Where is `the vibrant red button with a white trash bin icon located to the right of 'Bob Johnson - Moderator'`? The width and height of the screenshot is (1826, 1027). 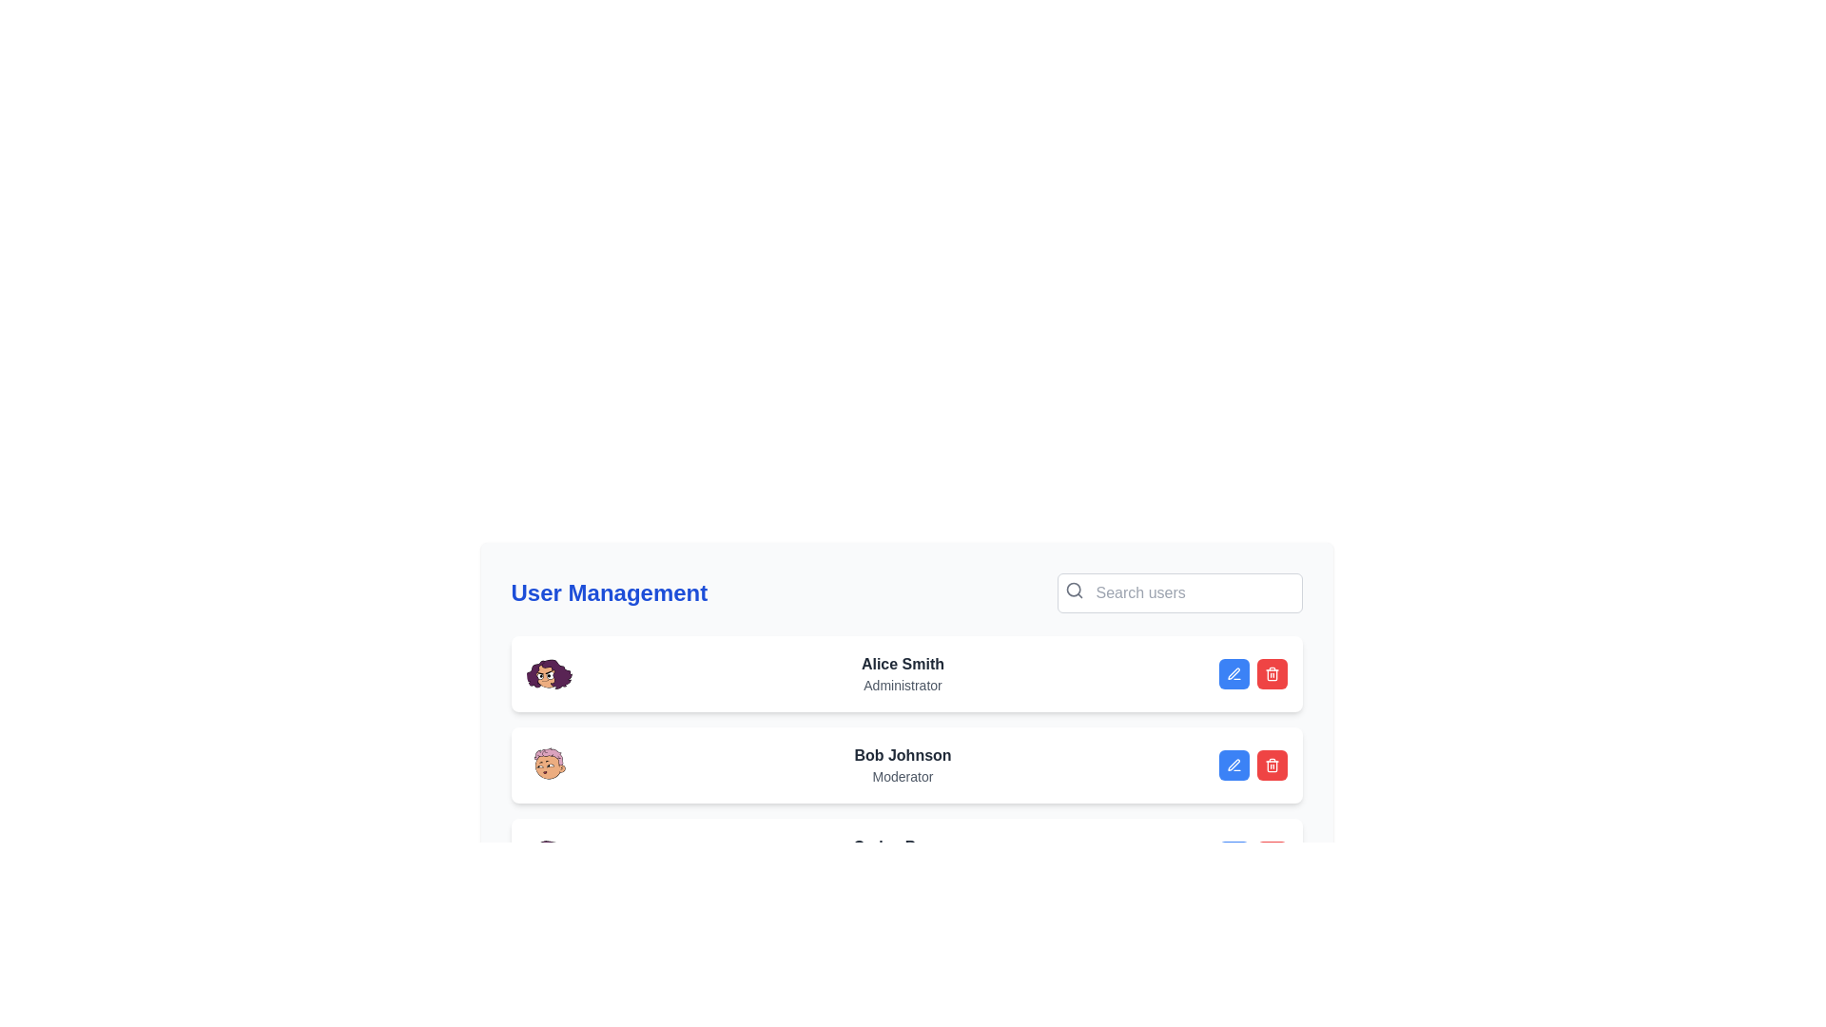 the vibrant red button with a white trash bin icon located to the right of 'Bob Johnson - Moderator' is located at coordinates (1272, 673).